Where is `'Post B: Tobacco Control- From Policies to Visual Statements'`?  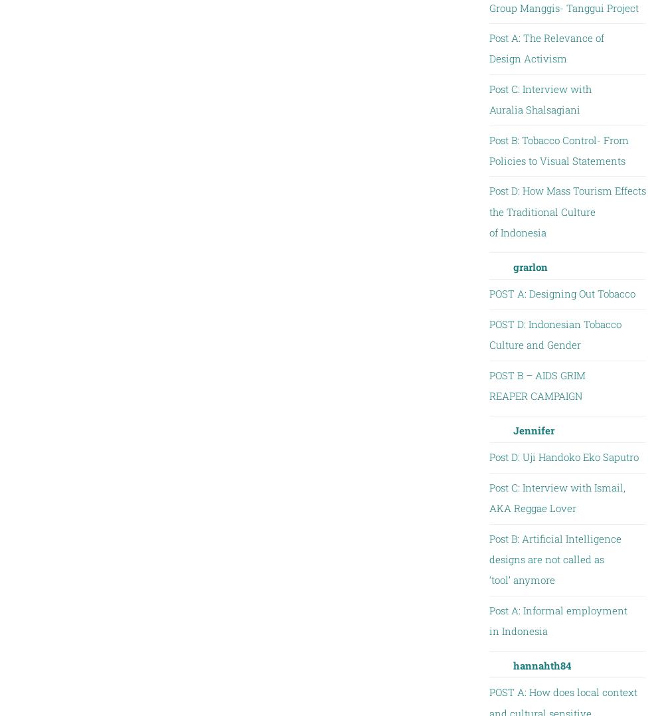 'Post B: Tobacco Control- From Policies to Visual Statements' is located at coordinates (558, 149).